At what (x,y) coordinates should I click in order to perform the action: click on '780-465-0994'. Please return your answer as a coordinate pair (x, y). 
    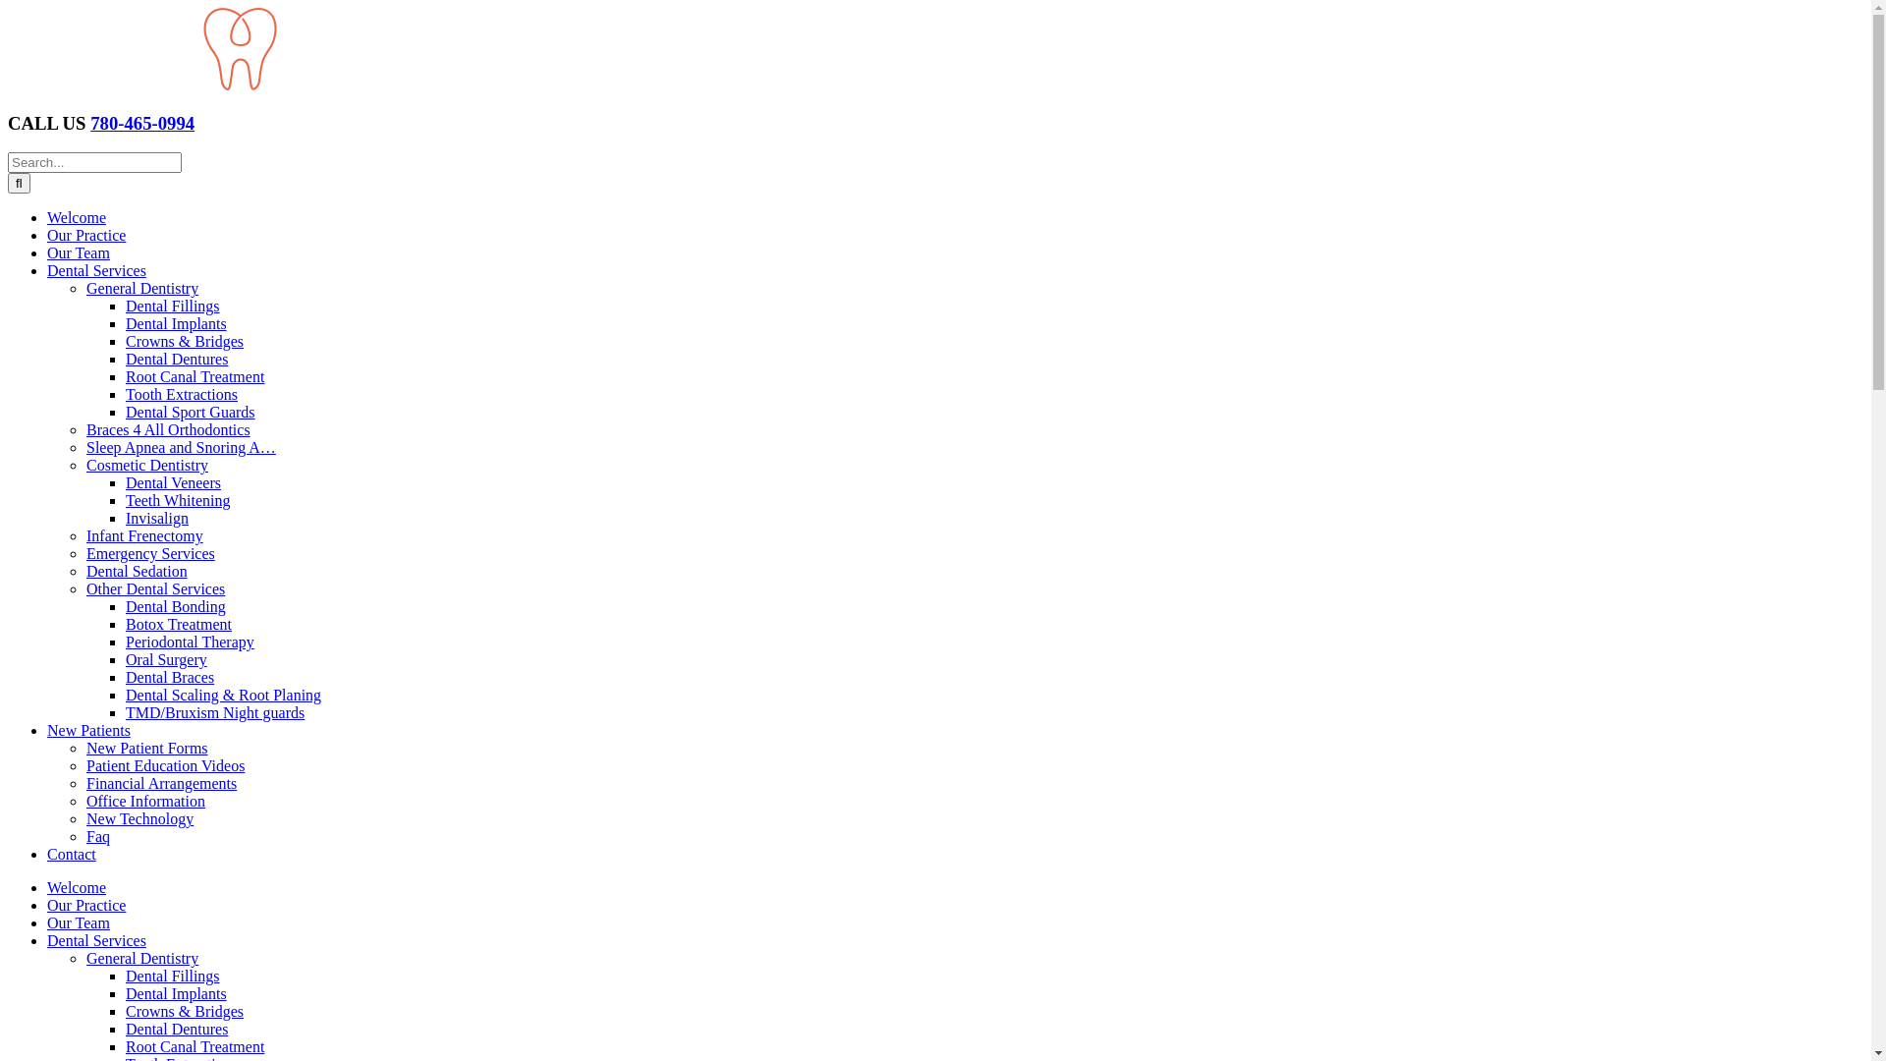
    Looking at the image, I should click on (140, 123).